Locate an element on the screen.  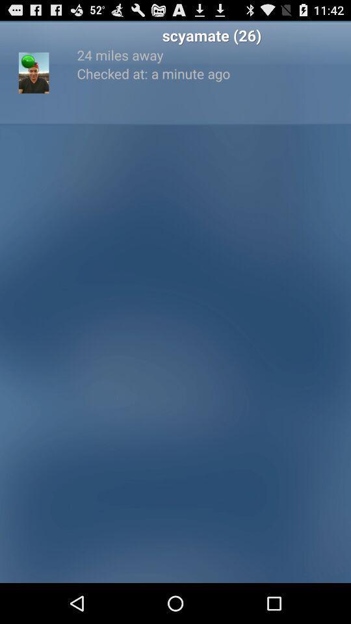
the item next to 24 miles away is located at coordinates (28, 61).